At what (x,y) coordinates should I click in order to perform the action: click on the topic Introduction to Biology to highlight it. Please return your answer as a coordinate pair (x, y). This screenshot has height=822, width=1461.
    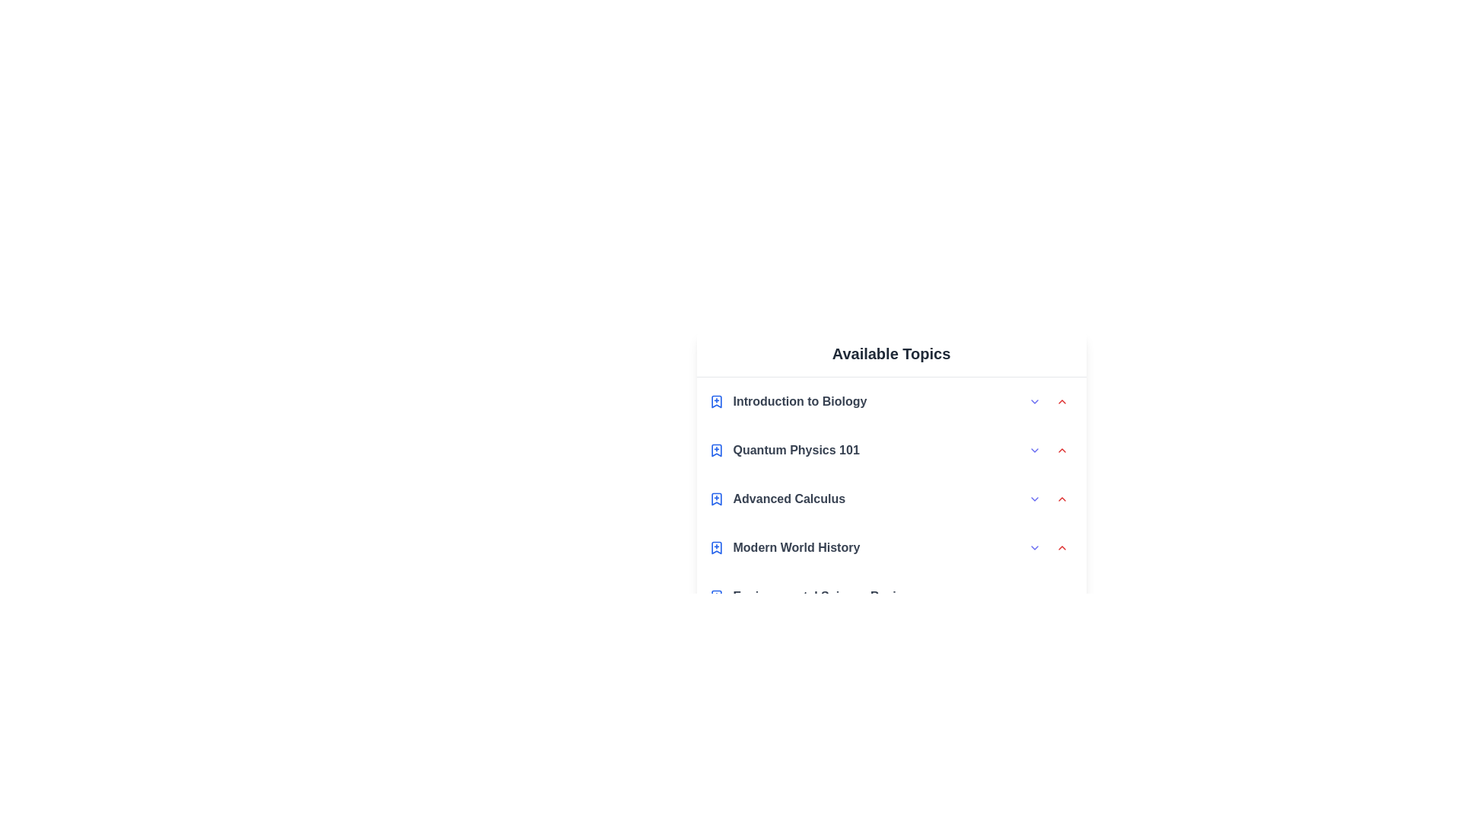
    Looking at the image, I should click on (891, 401).